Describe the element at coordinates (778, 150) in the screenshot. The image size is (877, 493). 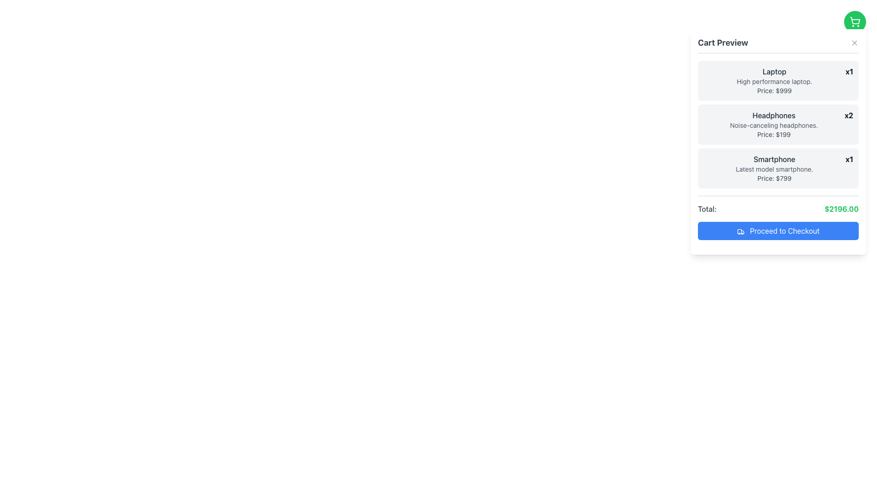
I see `the Cart item summary displaying 'Smartphone' with a brief description 'Latest model smartphone'` at that location.